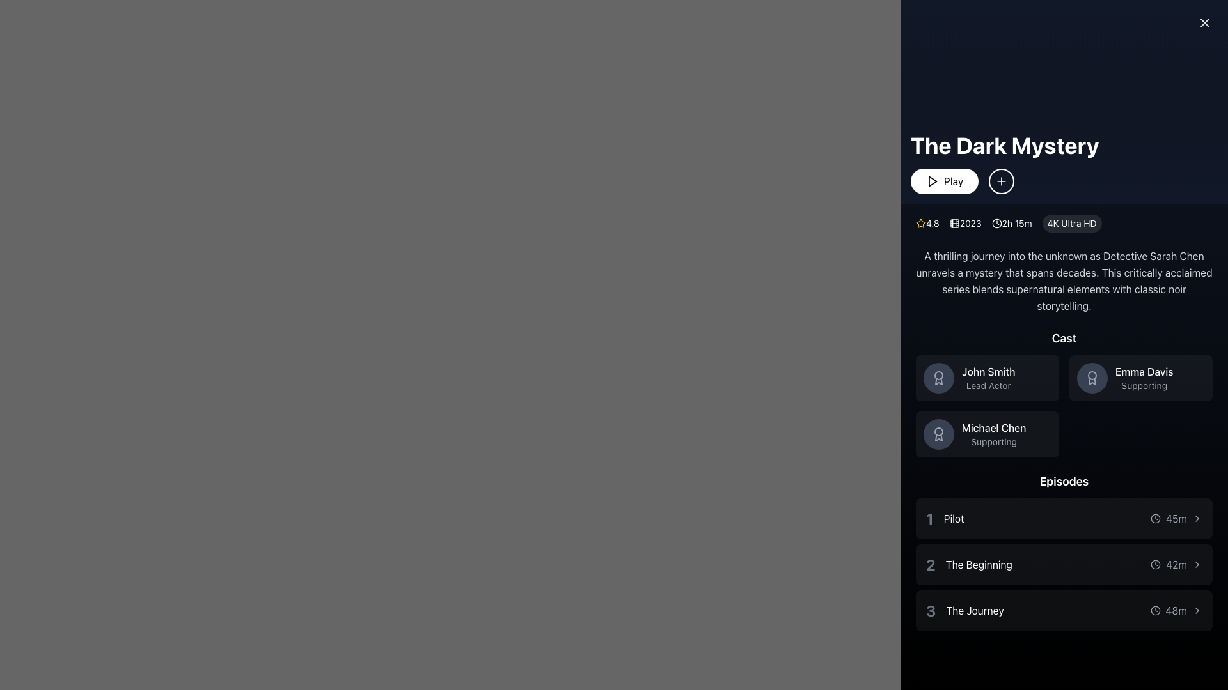 The width and height of the screenshot is (1228, 690). What do you see at coordinates (1204, 22) in the screenshot?
I see `the 'X' icon in the top-right corner of the interface` at bounding box center [1204, 22].